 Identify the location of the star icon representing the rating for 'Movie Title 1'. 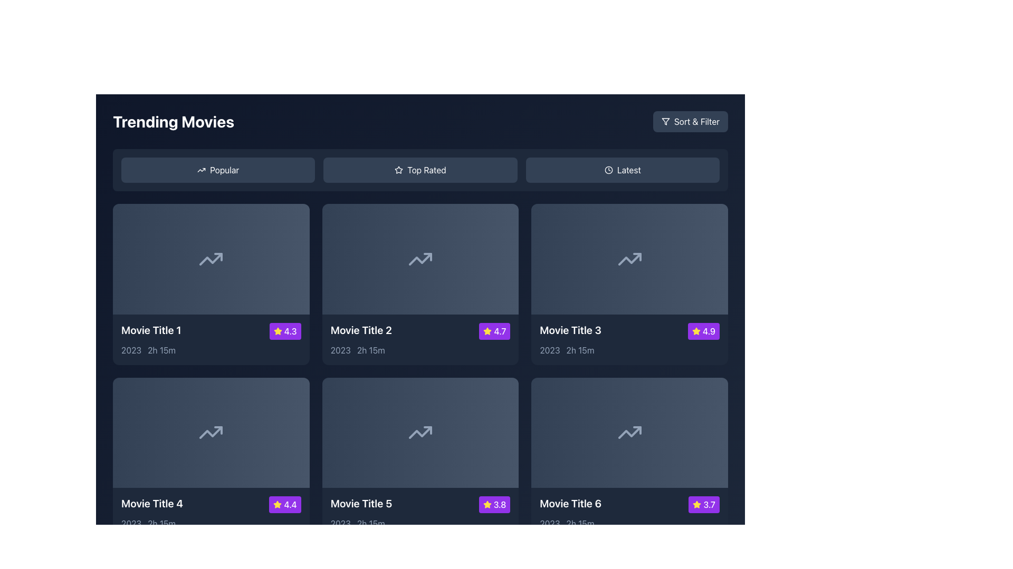
(278, 330).